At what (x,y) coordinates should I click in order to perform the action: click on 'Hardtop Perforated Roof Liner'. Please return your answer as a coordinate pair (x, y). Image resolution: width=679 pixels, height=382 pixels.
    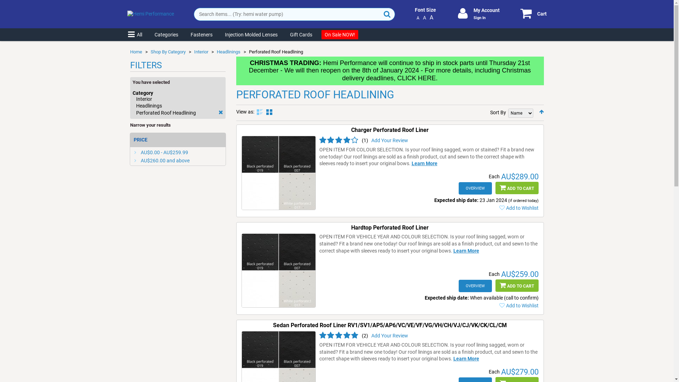
    Looking at the image, I should click on (389, 227).